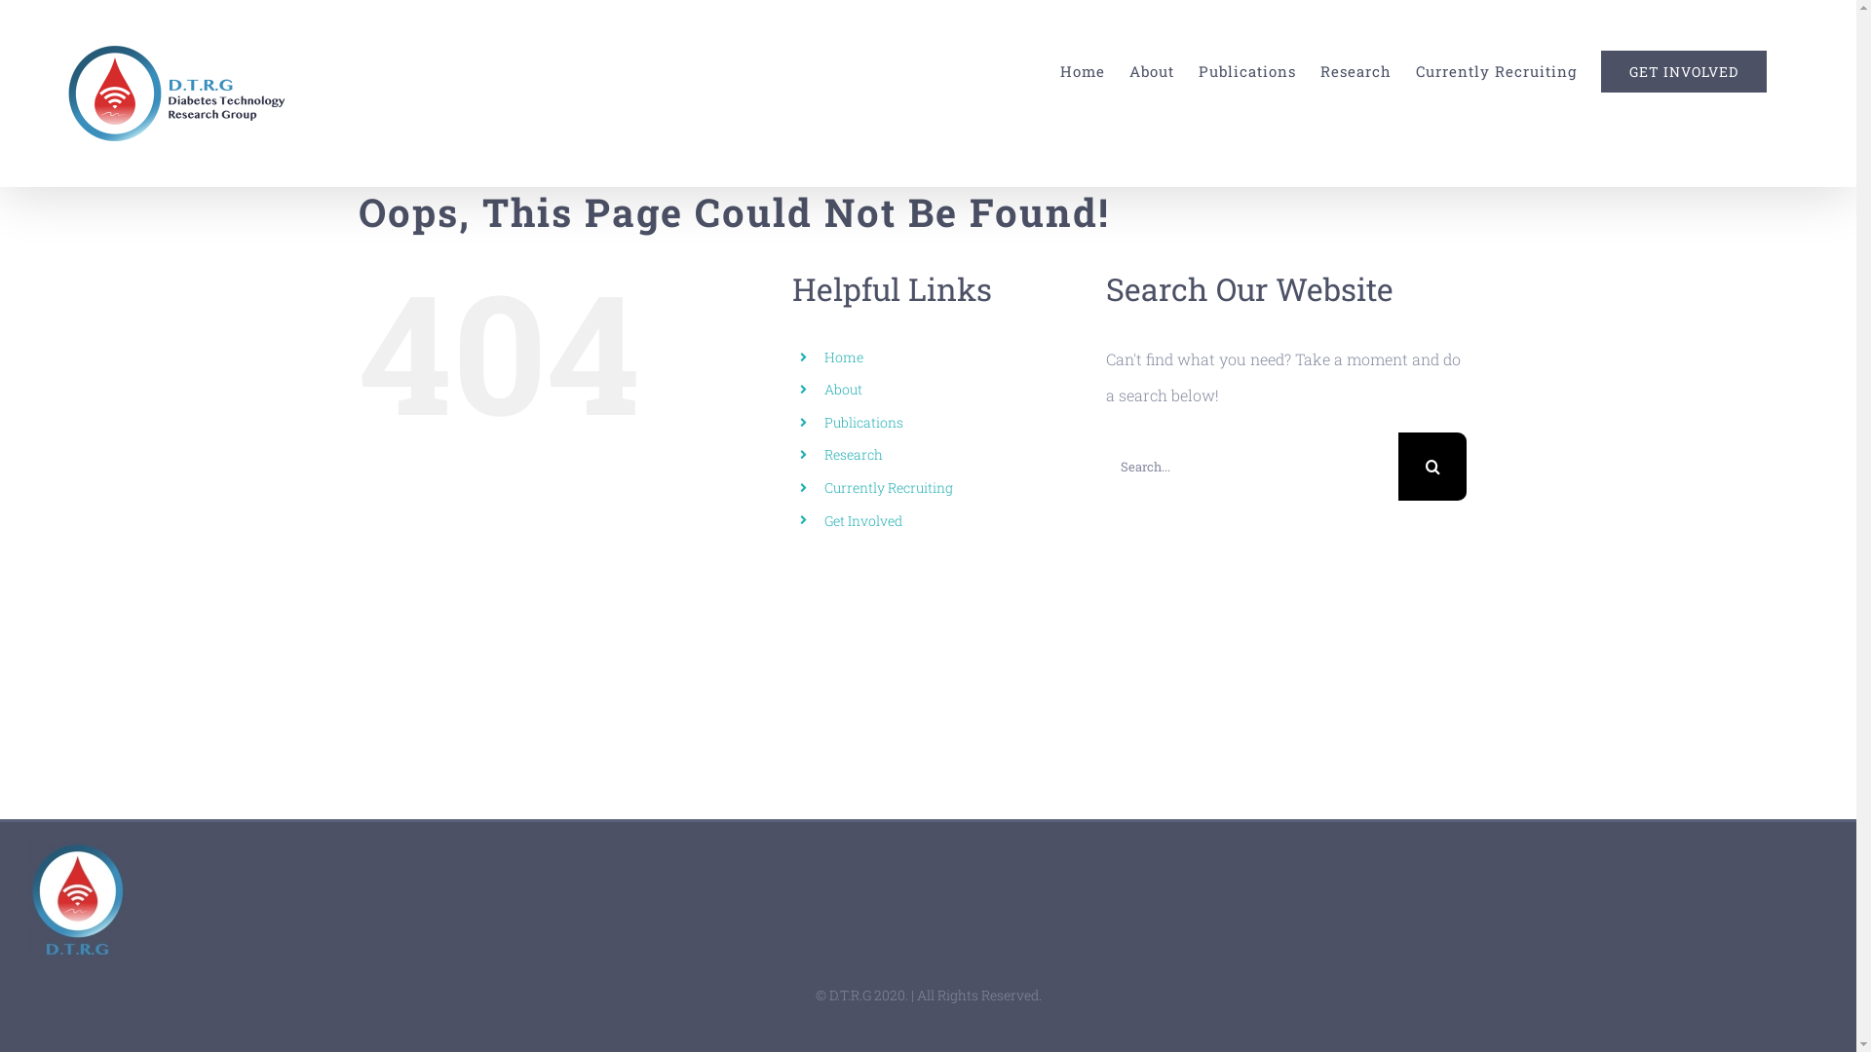 Image resolution: width=1871 pixels, height=1052 pixels. Describe the element at coordinates (862, 519) in the screenshot. I see `'Get Involved'` at that location.